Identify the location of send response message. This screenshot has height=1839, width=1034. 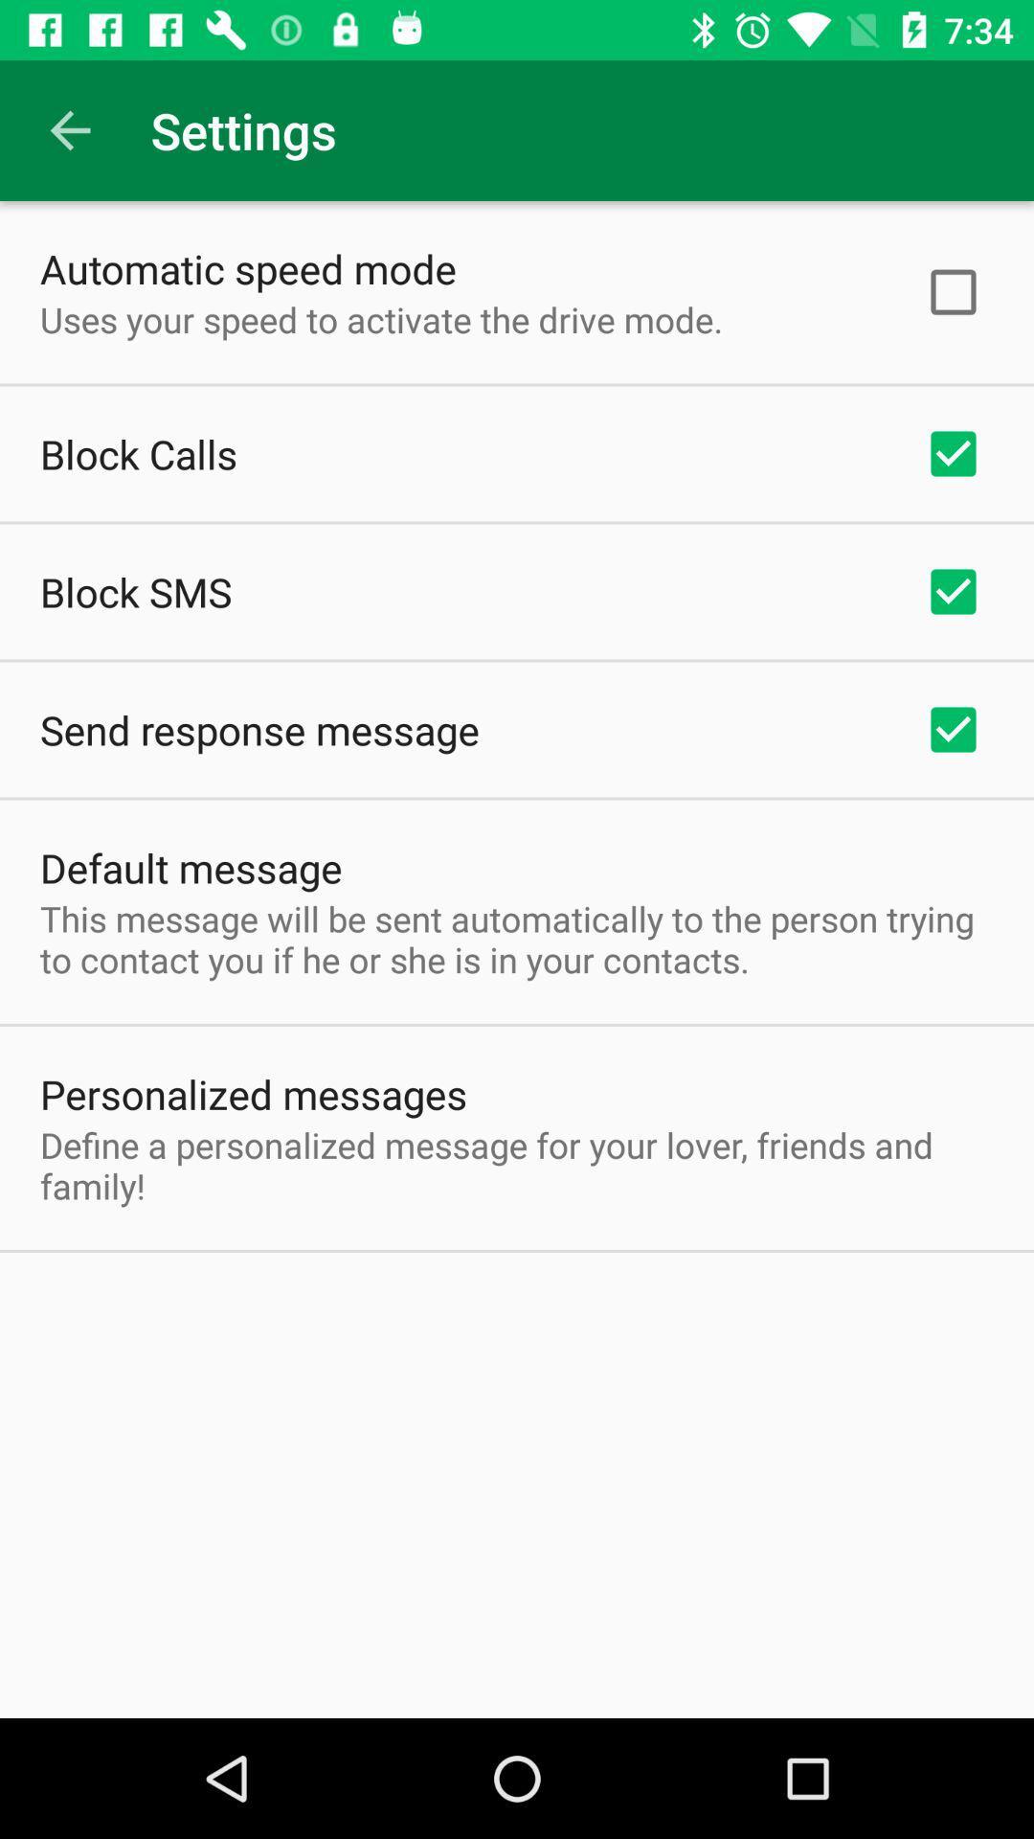
(259, 729).